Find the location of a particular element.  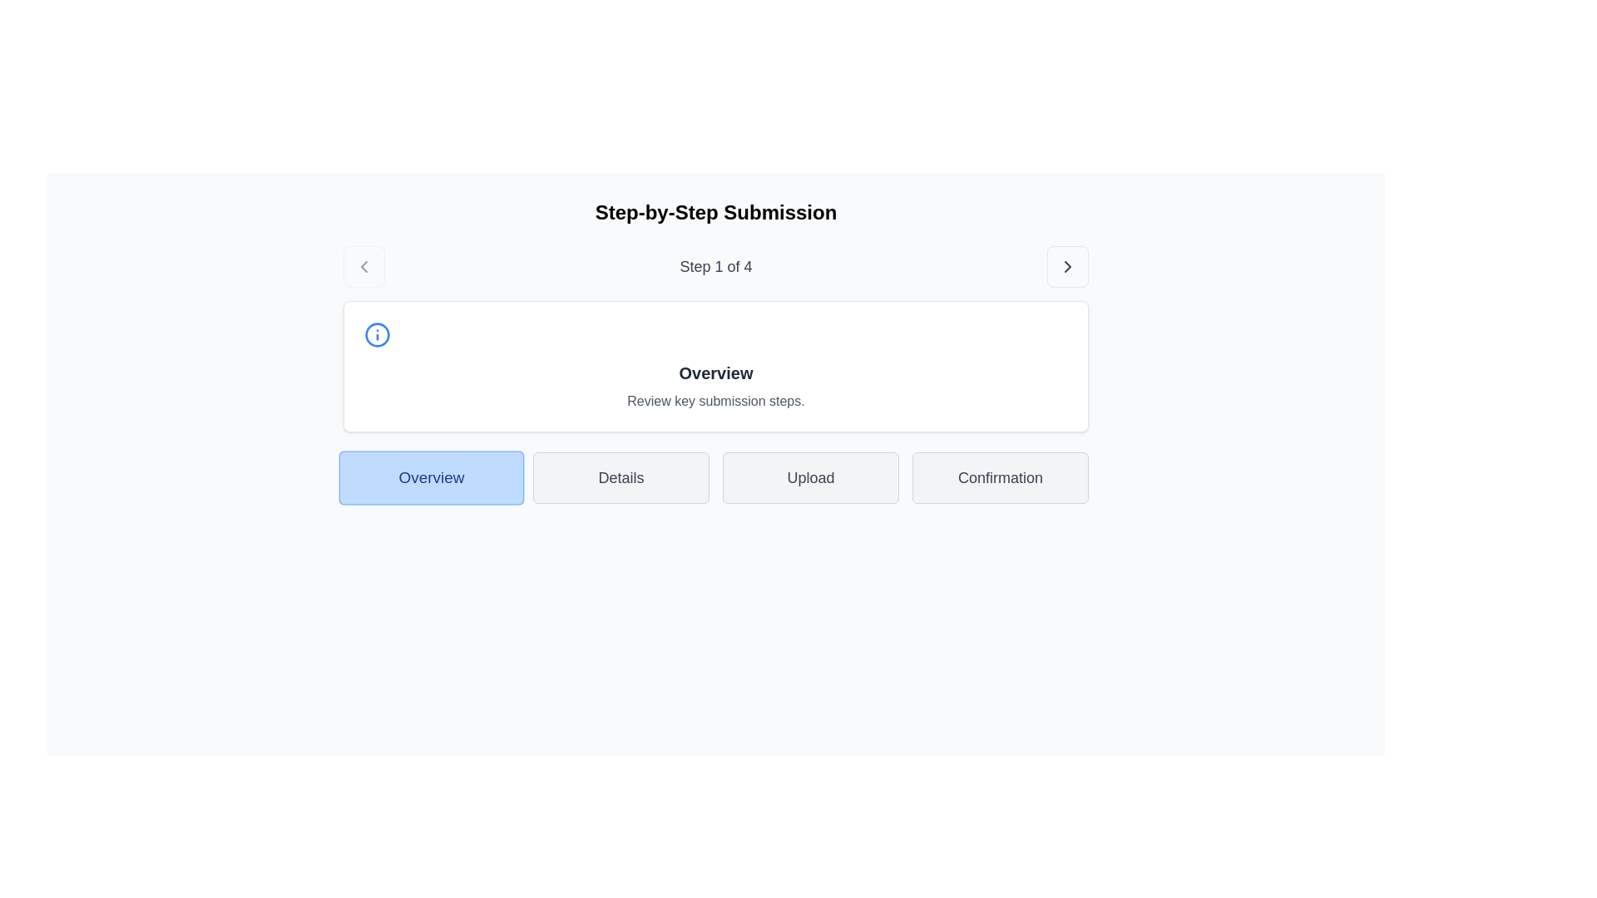

static text label 'Details' which is displayed in bold and medium-large font size, centrally positioned within a rectangular block in a button-like layout is located at coordinates (621, 477).